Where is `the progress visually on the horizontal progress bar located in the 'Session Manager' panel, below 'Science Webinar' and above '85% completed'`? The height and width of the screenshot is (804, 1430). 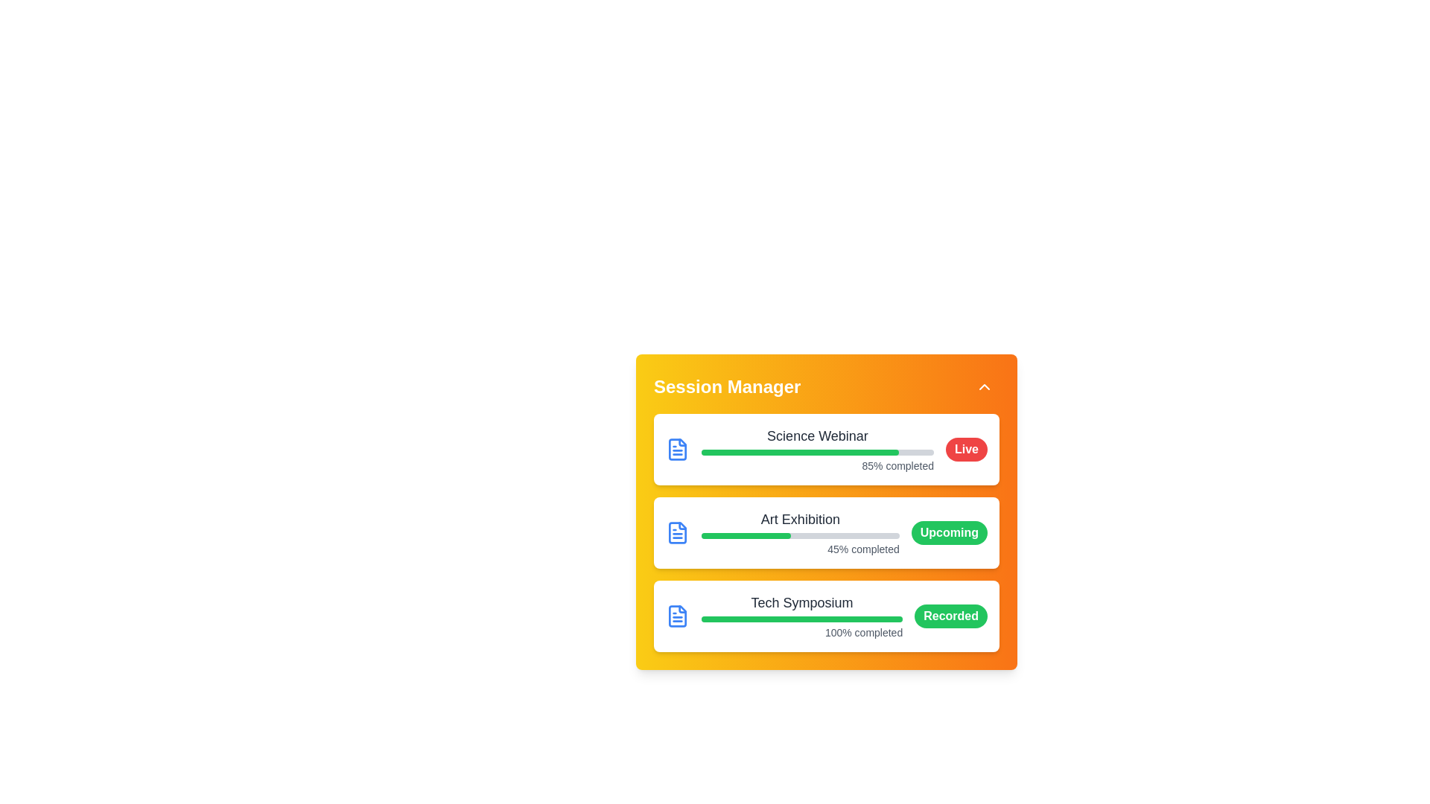 the progress visually on the horizontal progress bar located in the 'Session Manager' panel, below 'Science Webinar' and above '85% completed' is located at coordinates (817, 452).